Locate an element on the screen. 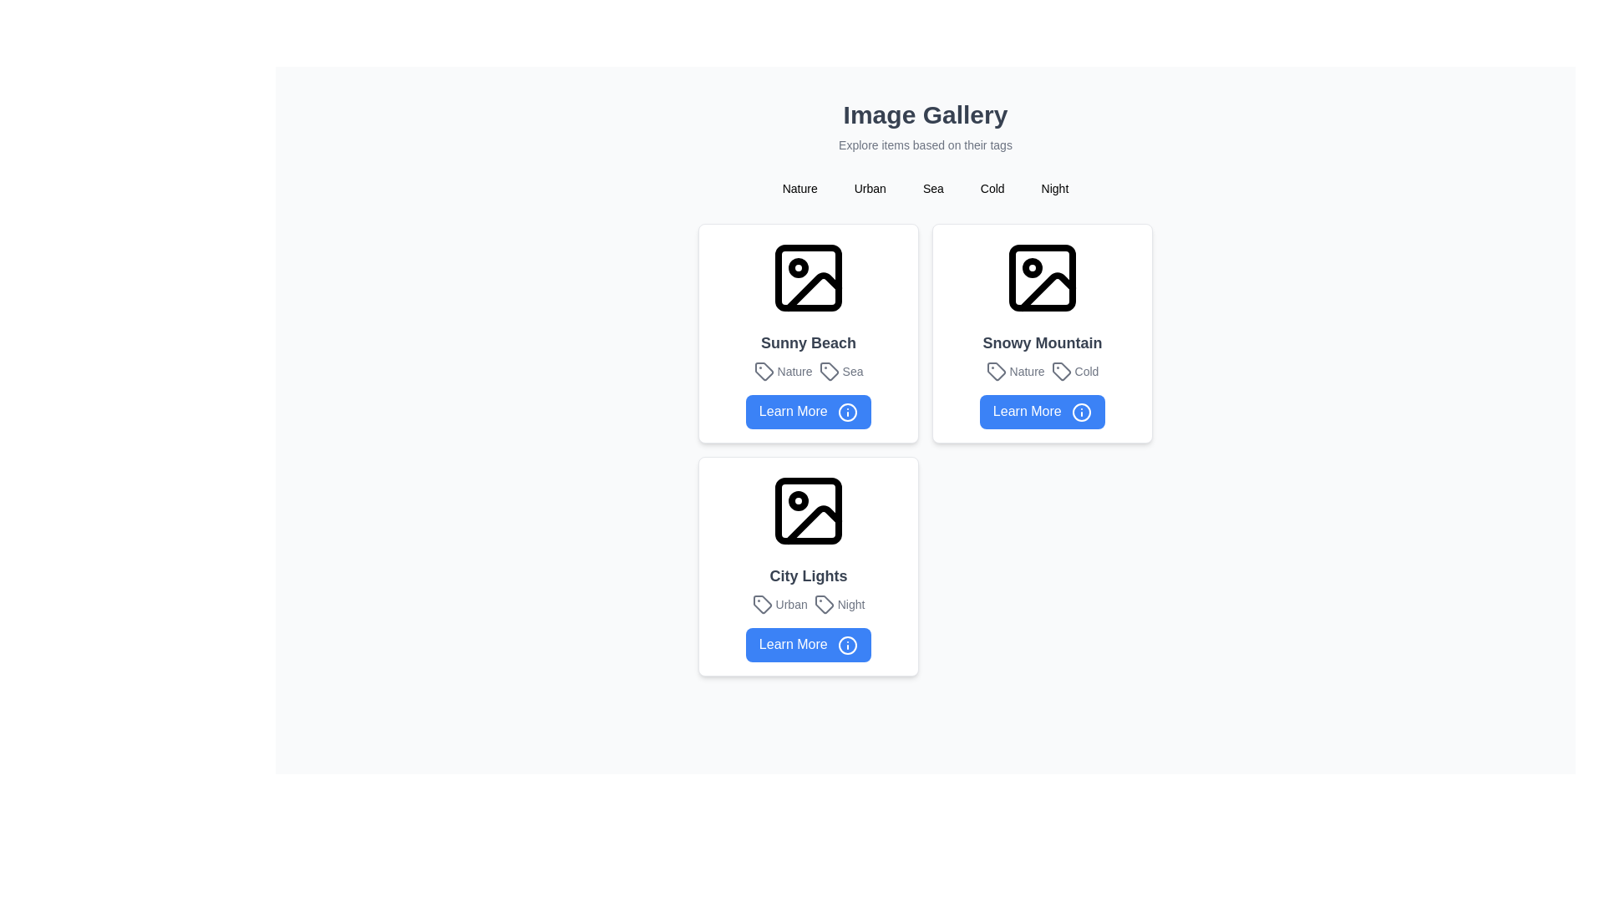 This screenshot has height=902, width=1604. the 'Night' filter button, which is the fifth item in a row of buttons including 'Nature', 'Urban', 'Sea', and 'Cold', to trigger its hover effects is located at coordinates (1053, 188).